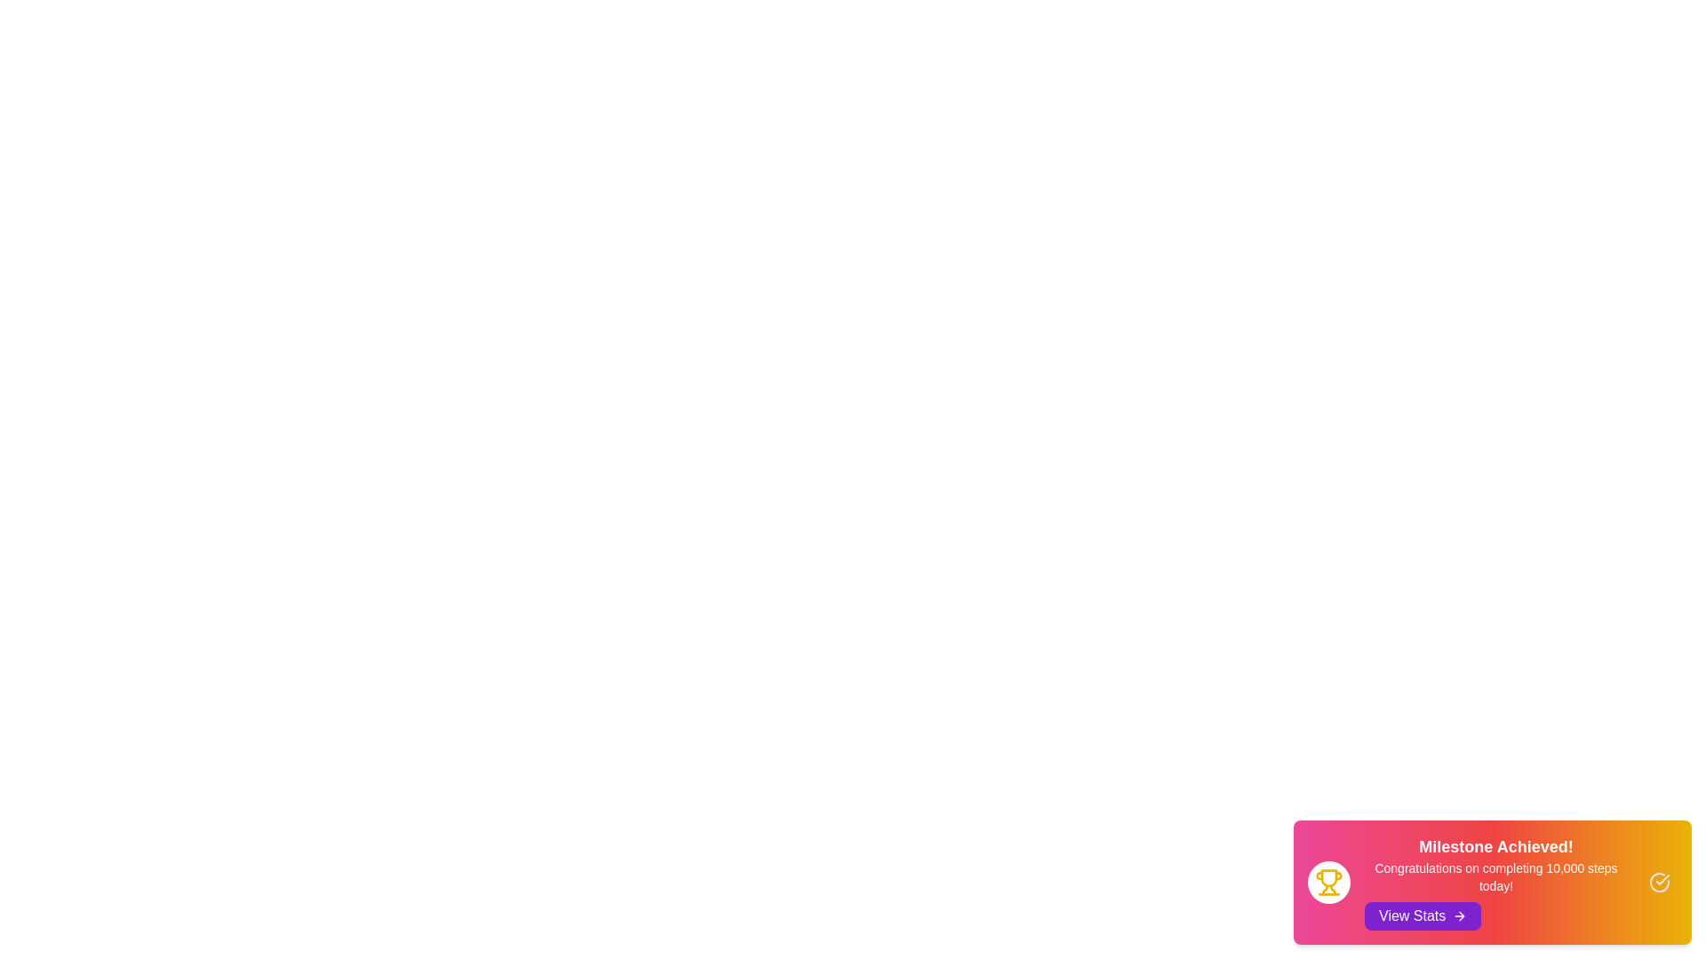 The image size is (1706, 959). I want to click on the close button to dismiss the snackbar notification, so click(1658, 883).